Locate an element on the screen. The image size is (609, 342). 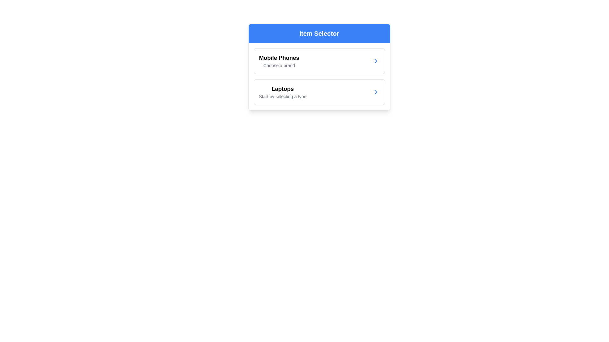
the text block that displays 'Mobile Phones' and 'Choose a brand', which is the first section under 'Item Selector' is located at coordinates (279, 61).